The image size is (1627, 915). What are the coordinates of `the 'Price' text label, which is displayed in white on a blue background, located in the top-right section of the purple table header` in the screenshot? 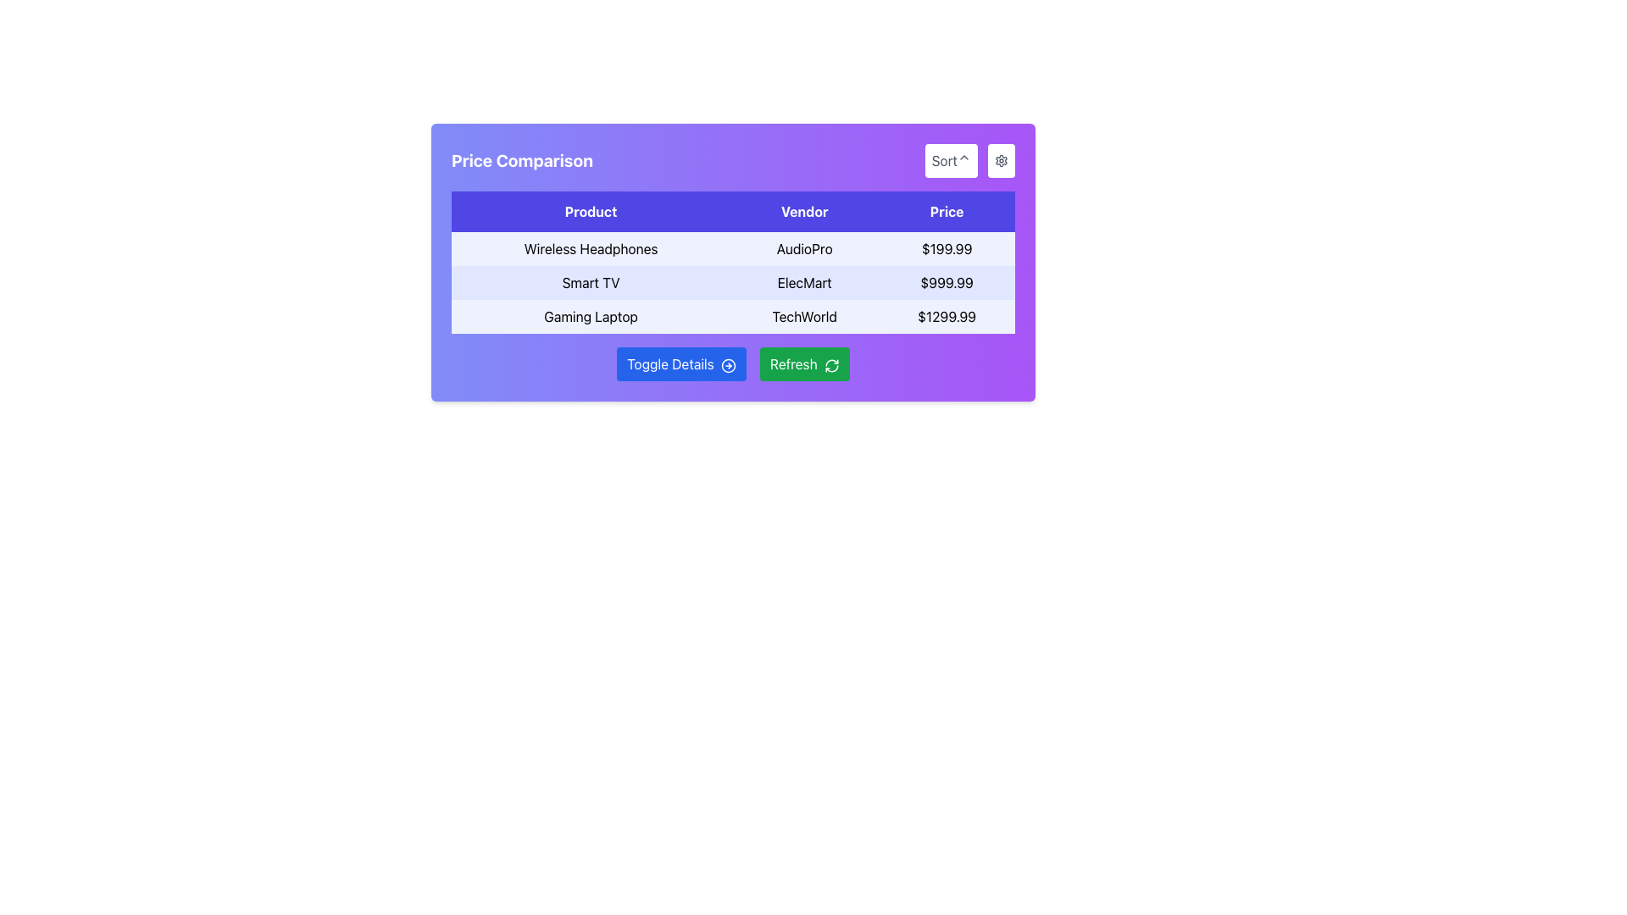 It's located at (946, 211).